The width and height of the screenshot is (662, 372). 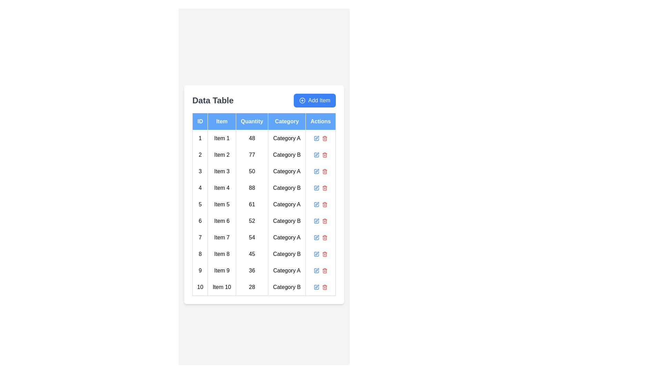 What do you see at coordinates (251, 204) in the screenshot?
I see `the static table cell displaying the quantity of Item 5 in the third column under the 'Quantity' label` at bounding box center [251, 204].